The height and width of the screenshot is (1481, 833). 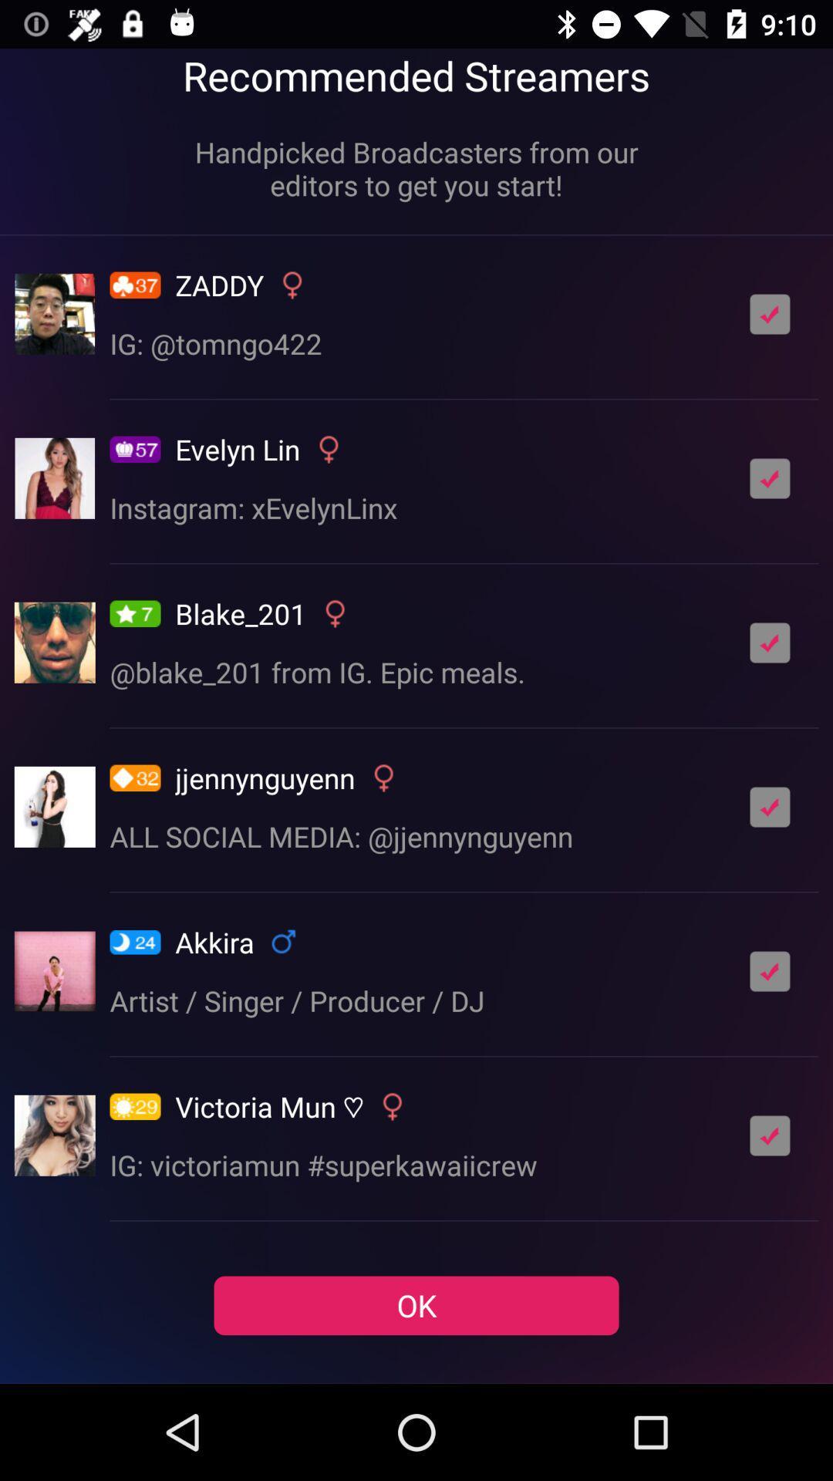 What do you see at coordinates (770, 313) in the screenshot?
I see `streamer feed` at bounding box center [770, 313].